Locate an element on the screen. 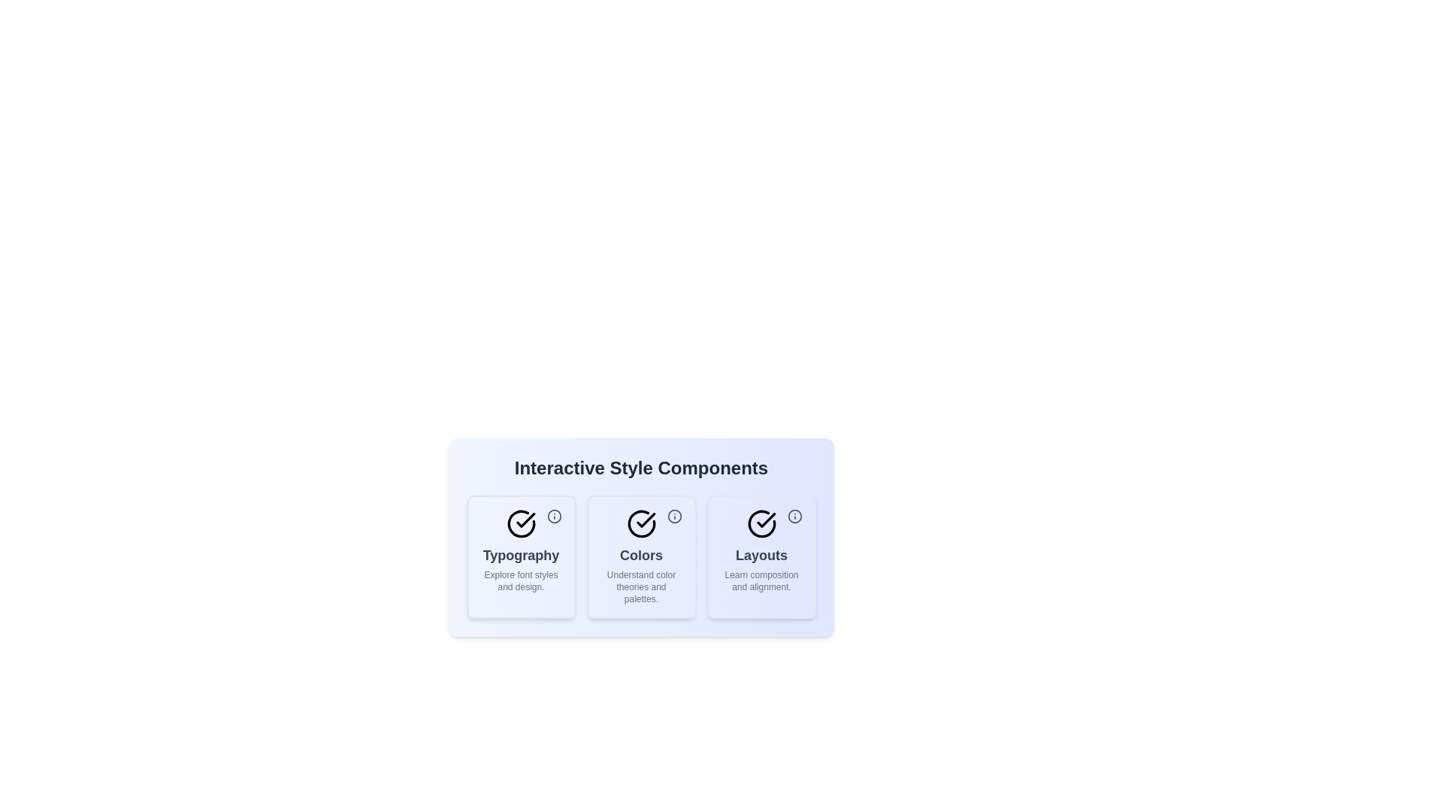  the icon within the chip labeled 'Layouts' is located at coordinates (794, 515).